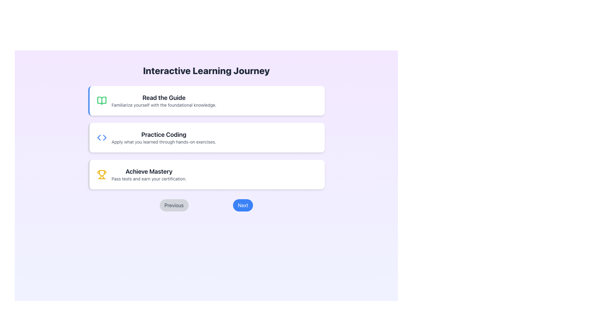  Describe the element at coordinates (149, 172) in the screenshot. I see `the text label that serves as a title or headline for the section, which is centrally located in the third section of a vertical list of steps, between the trophy icon above and the descriptive text below` at that location.